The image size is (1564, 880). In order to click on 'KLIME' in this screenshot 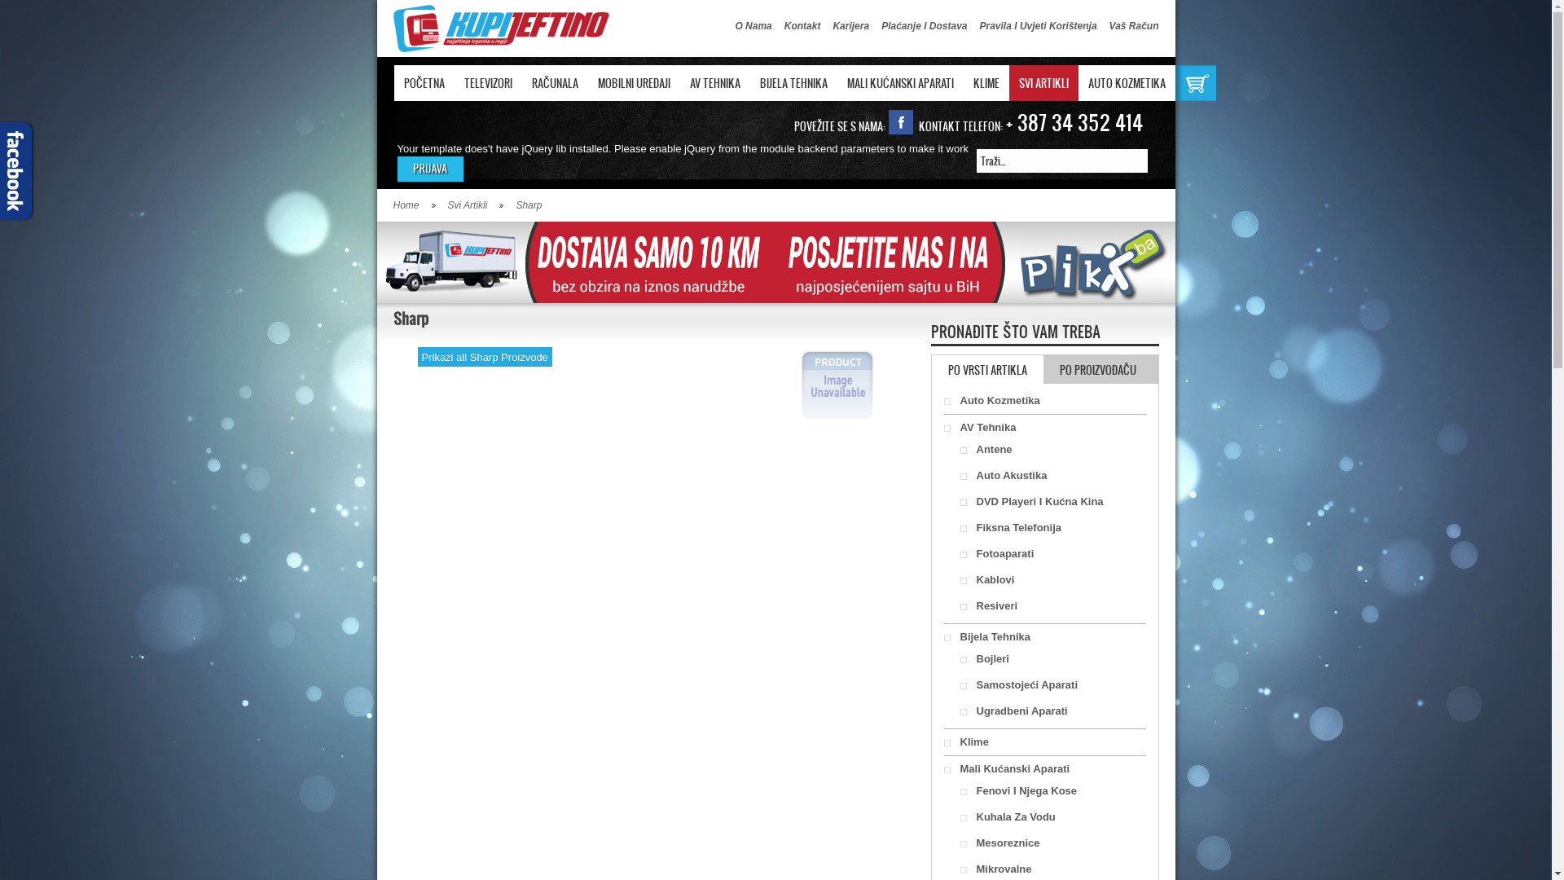, I will do `click(984, 82)`.